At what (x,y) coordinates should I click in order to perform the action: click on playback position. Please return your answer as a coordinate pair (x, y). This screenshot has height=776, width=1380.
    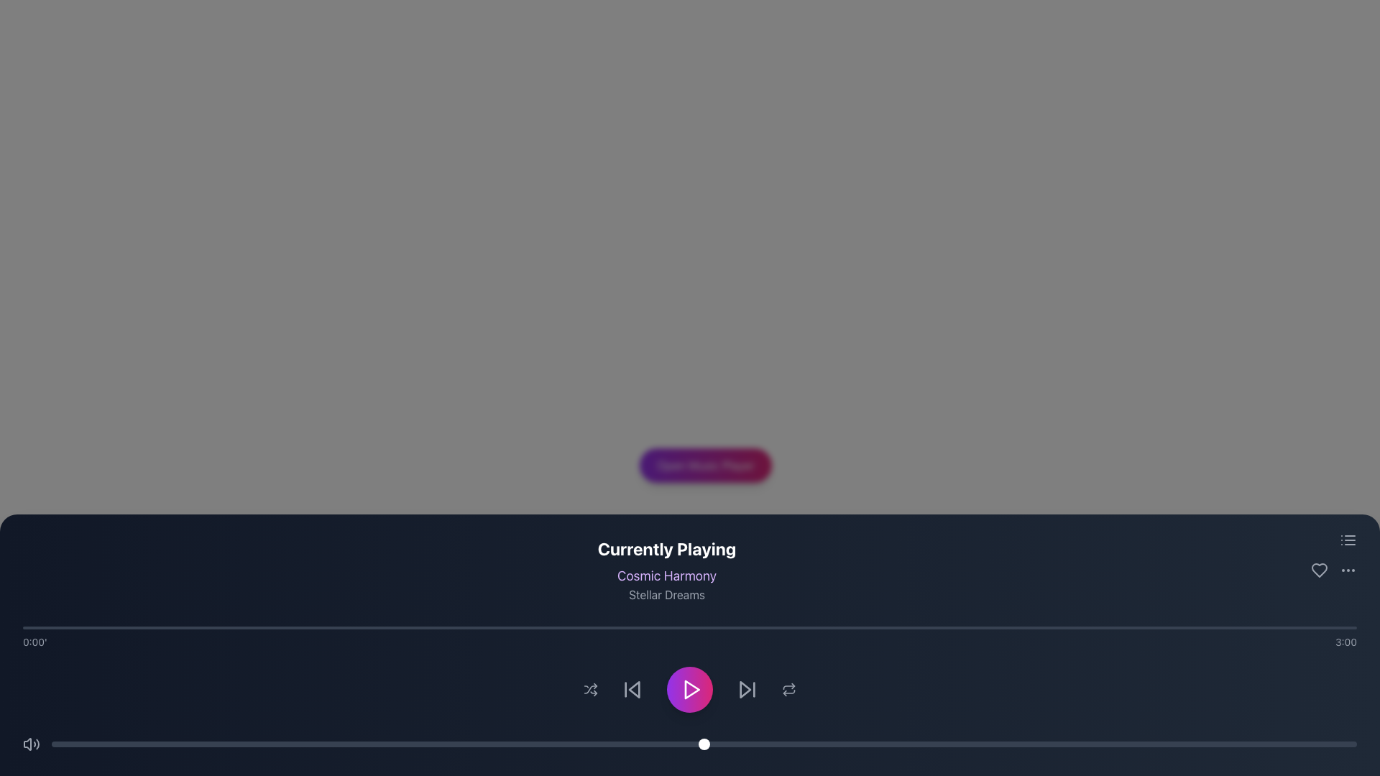
    Looking at the image, I should click on (245, 627).